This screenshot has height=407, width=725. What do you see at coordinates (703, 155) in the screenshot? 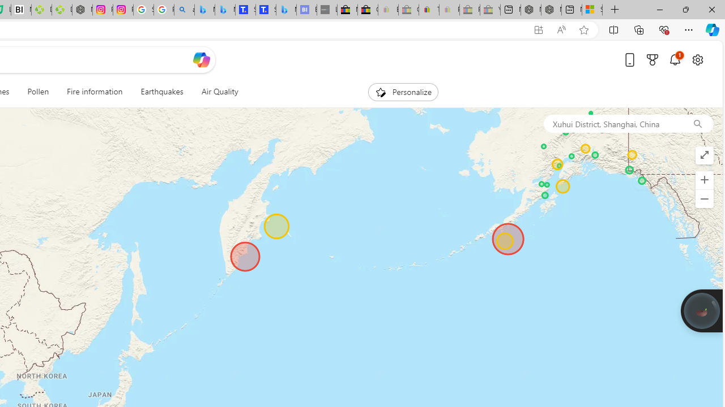
I see `'Enter full screen mode'` at bounding box center [703, 155].